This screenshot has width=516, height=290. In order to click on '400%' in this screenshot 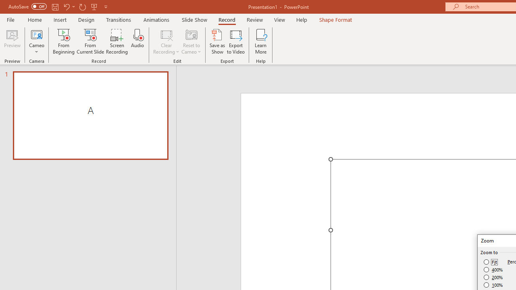, I will do `click(493, 269)`.